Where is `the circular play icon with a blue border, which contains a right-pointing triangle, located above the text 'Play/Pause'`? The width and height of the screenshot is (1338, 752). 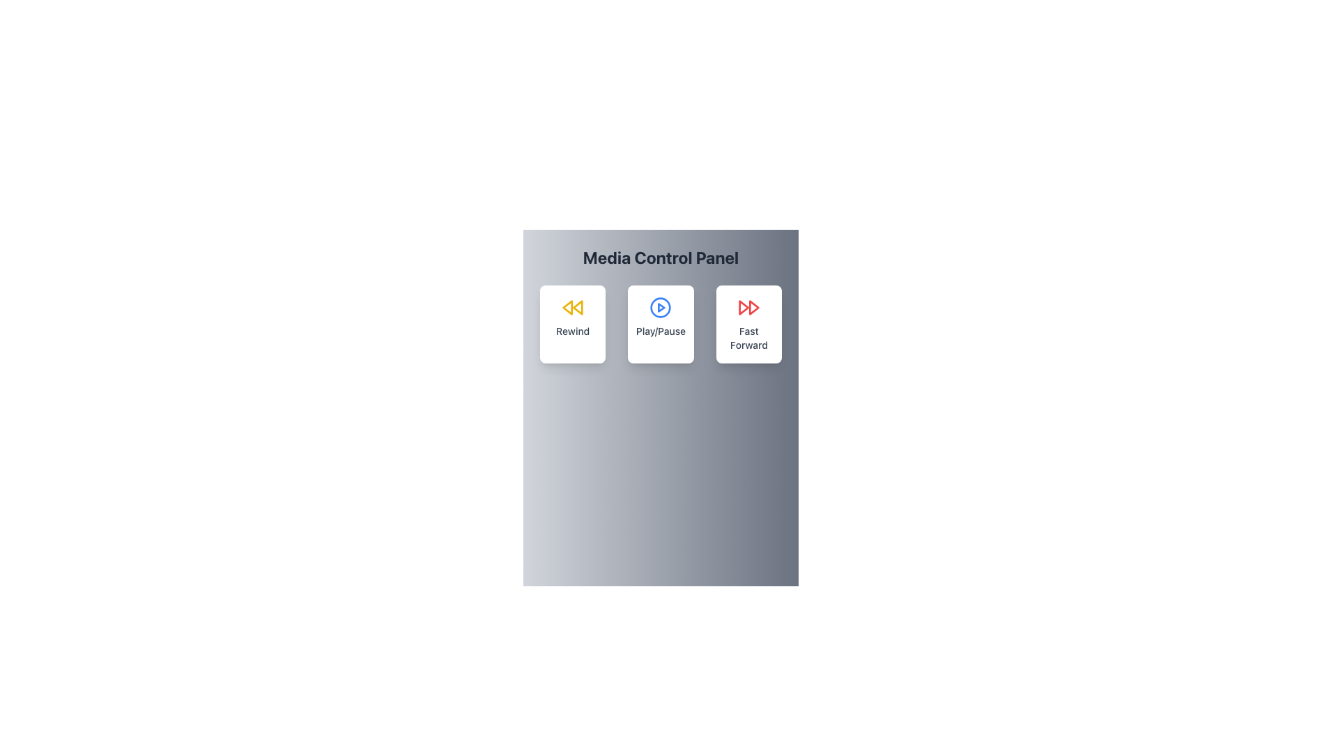
the circular play icon with a blue border, which contains a right-pointing triangle, located above the text 'Play/Pause' is located at coordinates (660, 307).